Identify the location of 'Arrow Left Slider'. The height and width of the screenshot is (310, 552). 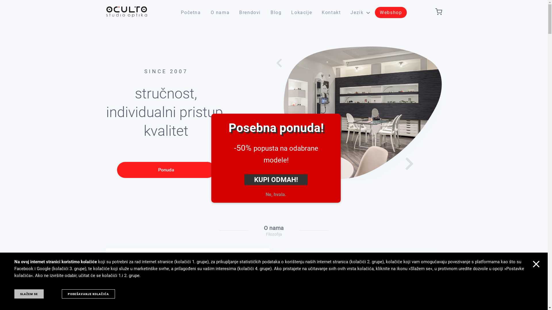
(281, 63).